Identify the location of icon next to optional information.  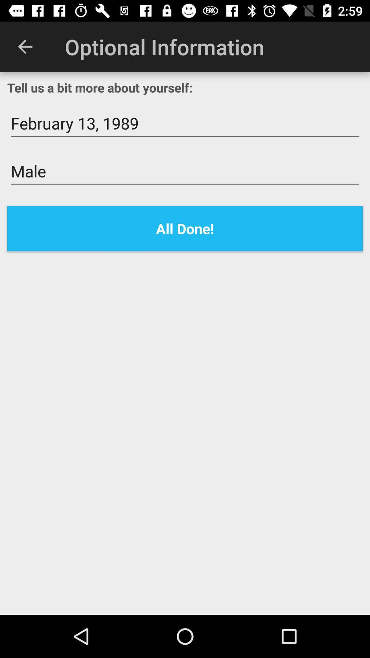
(25, 46).